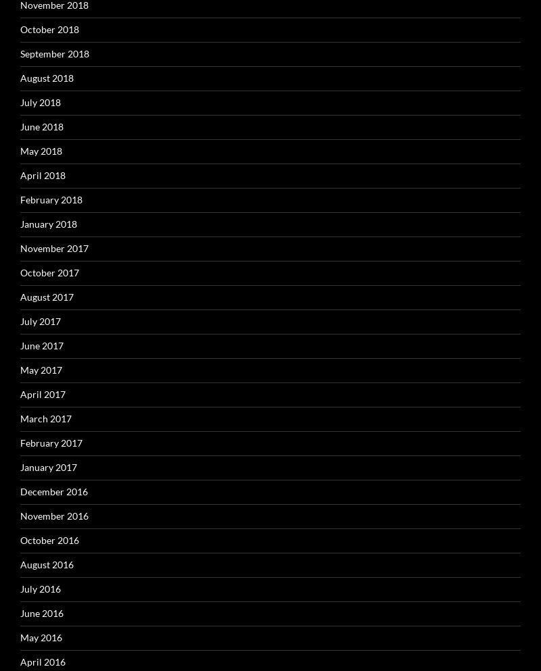  I want to click on 'October 2018', so click(49, 28).